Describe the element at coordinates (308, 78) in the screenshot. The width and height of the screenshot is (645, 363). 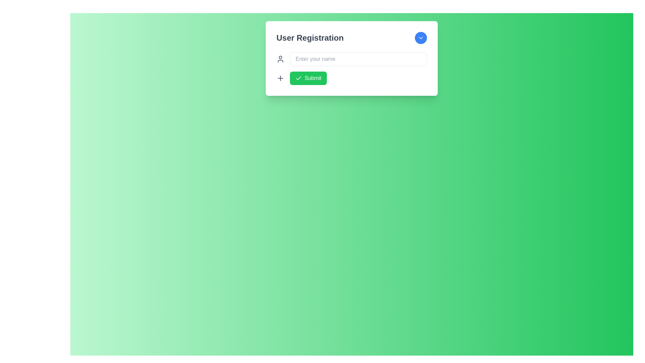
I see `the 'Submit' button with a green background and rounded corners` at that location.